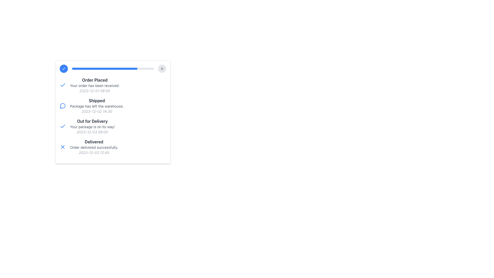 This screenshot has width=494, height=278. Describe the element at coordinates (92, 126) in the screenshot. I see `the informational component indicating the package's current status as 'Out for Delivery', which is the third status row in the process list` at that location.